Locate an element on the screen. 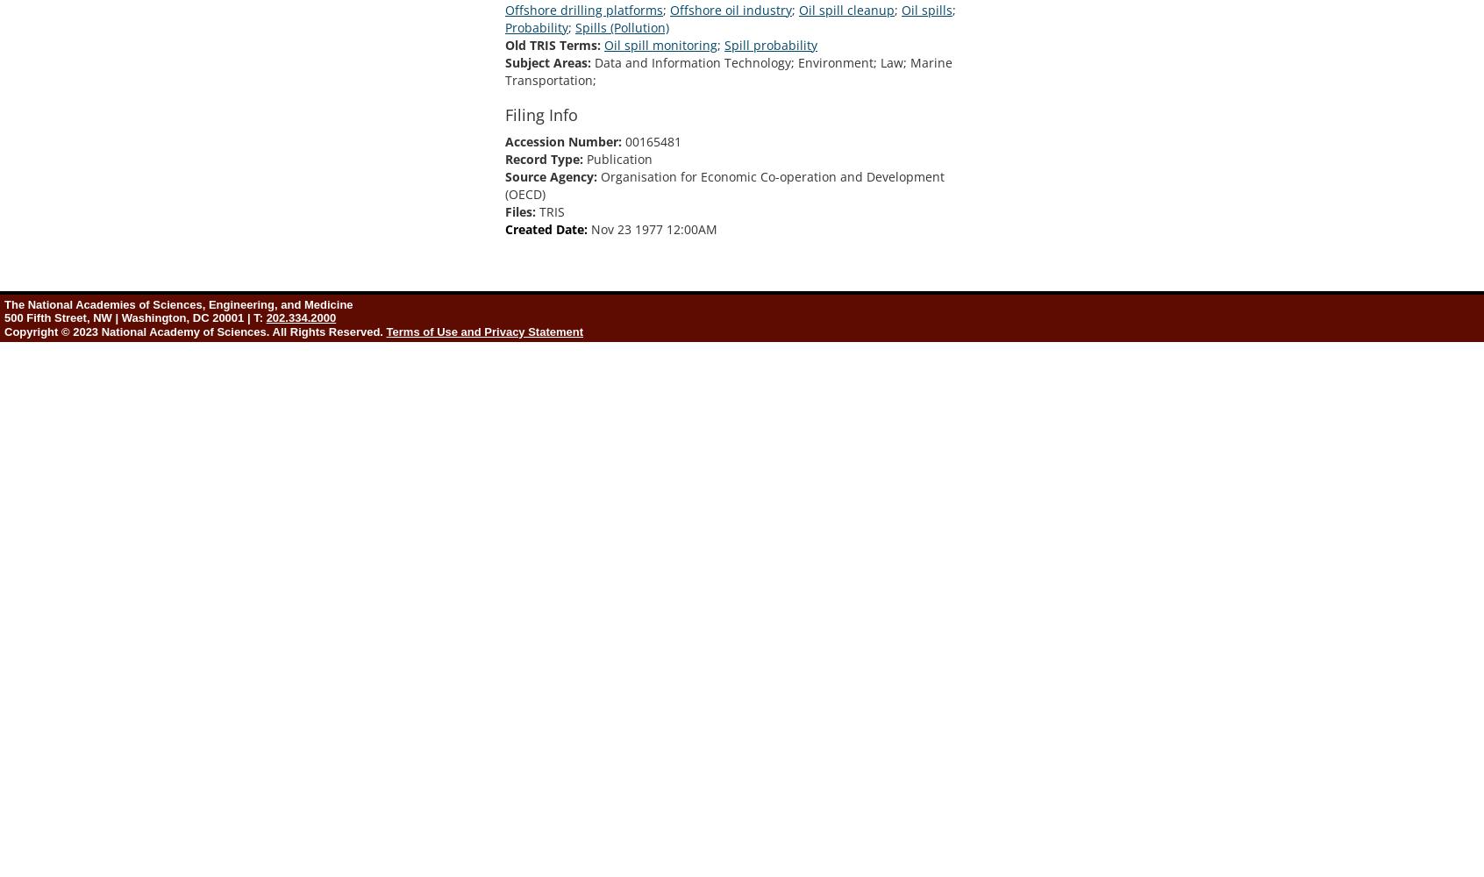  'Oil spill monitoring' is located at coordinates (660, 44).